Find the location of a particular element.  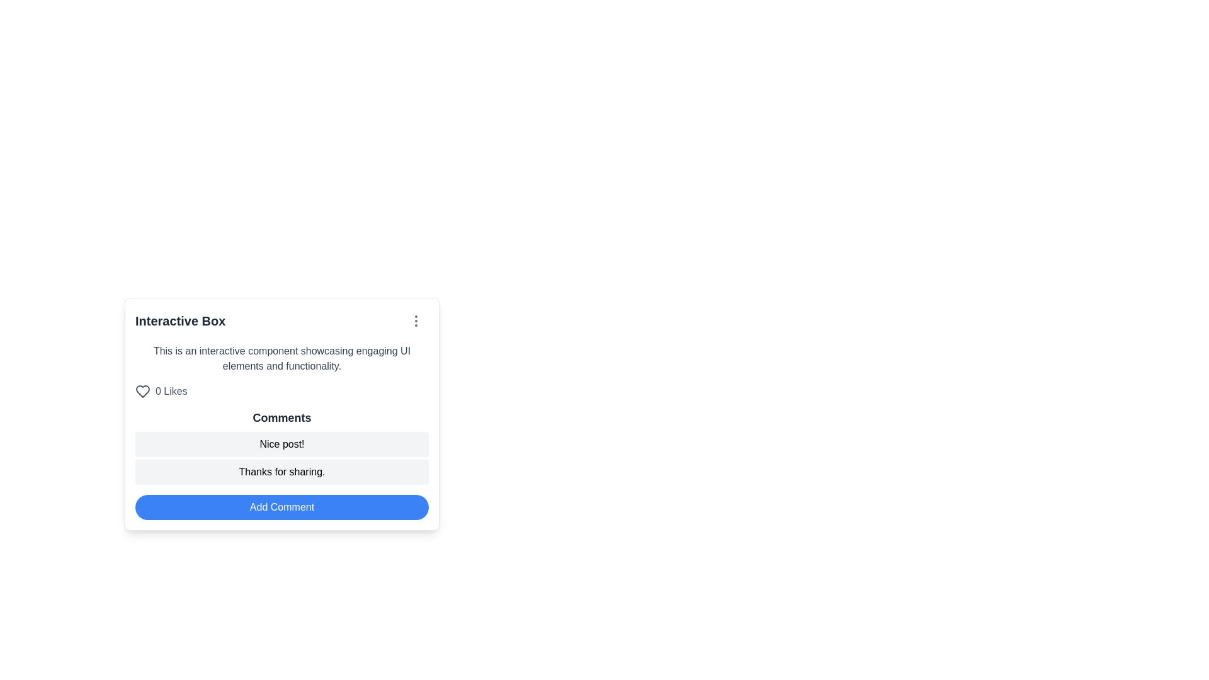

the heart-shaped icon with a hollow center that represents likes, located to the left of the '0 Likes' text in the top-left section of the 'Interactive Box' is located at coordinates (142, 390).